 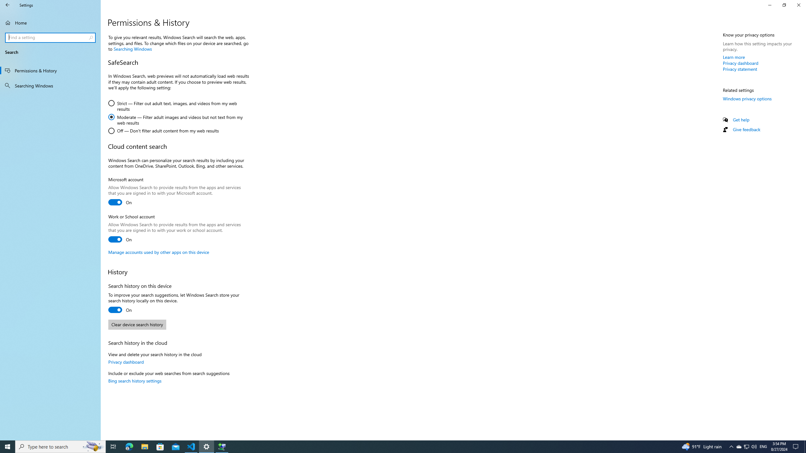 What do you see at coordinates (741, 63) in the screenshot?
I see `'Privacy dashboard'` at bounding box center [741, 63].